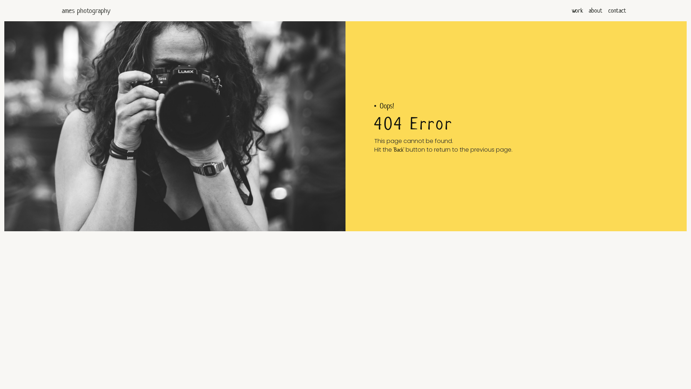 This screenshot has width=691, height=389. I want to click on 'contact', so click(617, 10).